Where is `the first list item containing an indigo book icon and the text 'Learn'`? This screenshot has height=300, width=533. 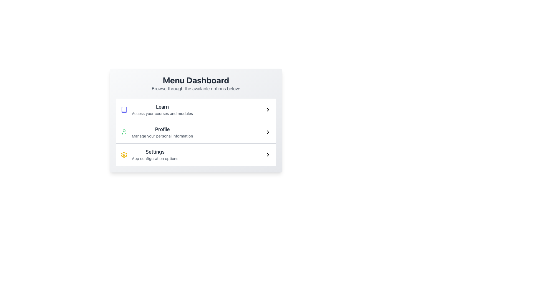
the first list item containing an indigo book icon and the text 'Learn' is located at coordinates (157, 109).